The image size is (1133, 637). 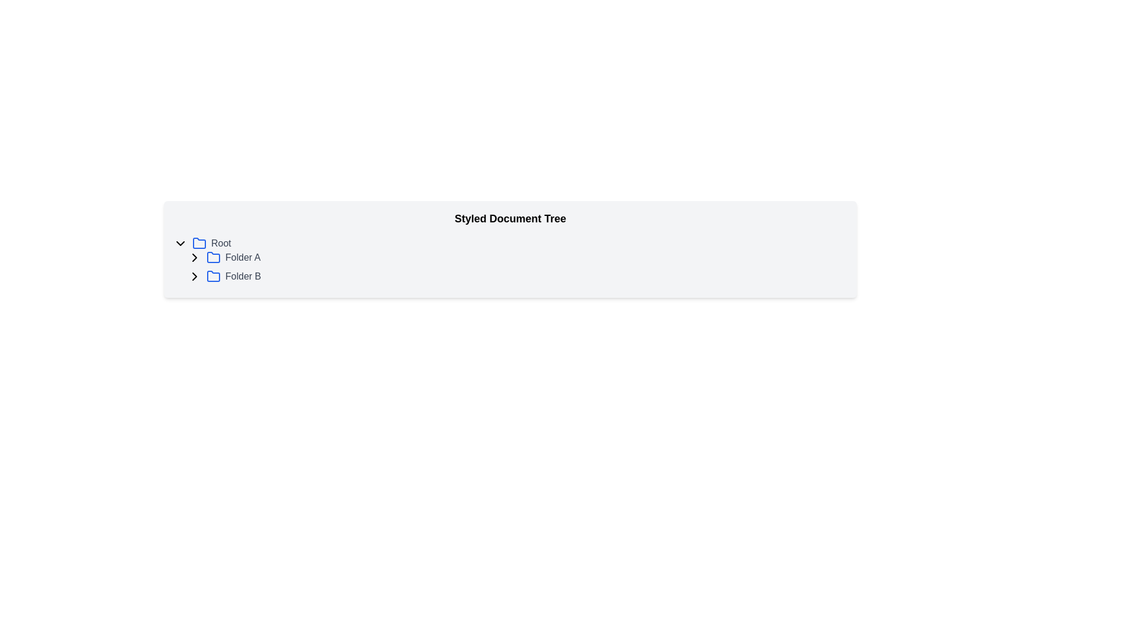 I want to click on the graphical icon representing the folder, which is located to the left of the text 'Folder B' in the tree view hierarchy, so click(x=213, y=277).